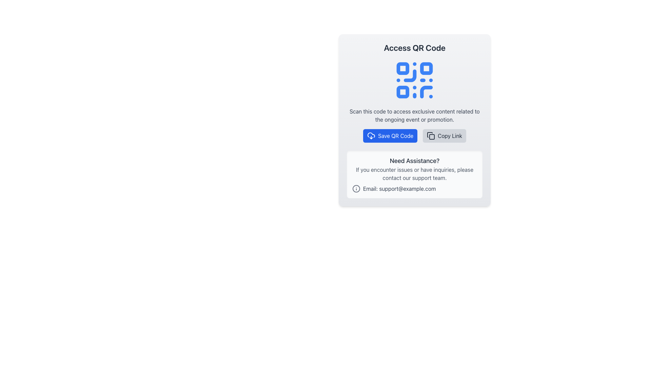 The height and width of the screenshot is (366, 651). What do you see at coordinates (371, 136) in the screenshot?
I see `the download icon located inside the blue 'Save QR Code' button, positioned to the left of the button text` at bounding box center [371, 136].